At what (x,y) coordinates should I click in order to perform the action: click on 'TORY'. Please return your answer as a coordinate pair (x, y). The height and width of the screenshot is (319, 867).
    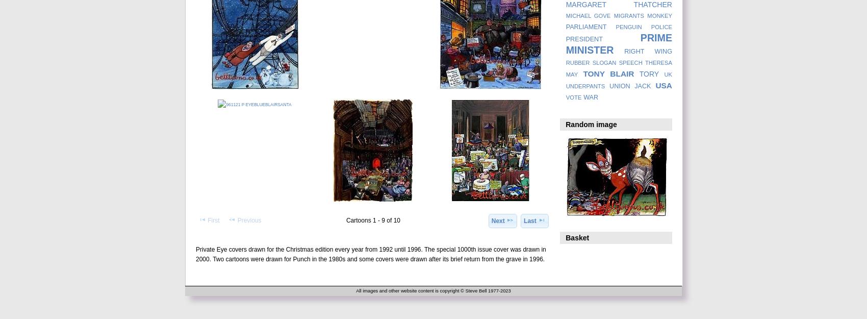
    Looking at the image, I should click on (648, 73).